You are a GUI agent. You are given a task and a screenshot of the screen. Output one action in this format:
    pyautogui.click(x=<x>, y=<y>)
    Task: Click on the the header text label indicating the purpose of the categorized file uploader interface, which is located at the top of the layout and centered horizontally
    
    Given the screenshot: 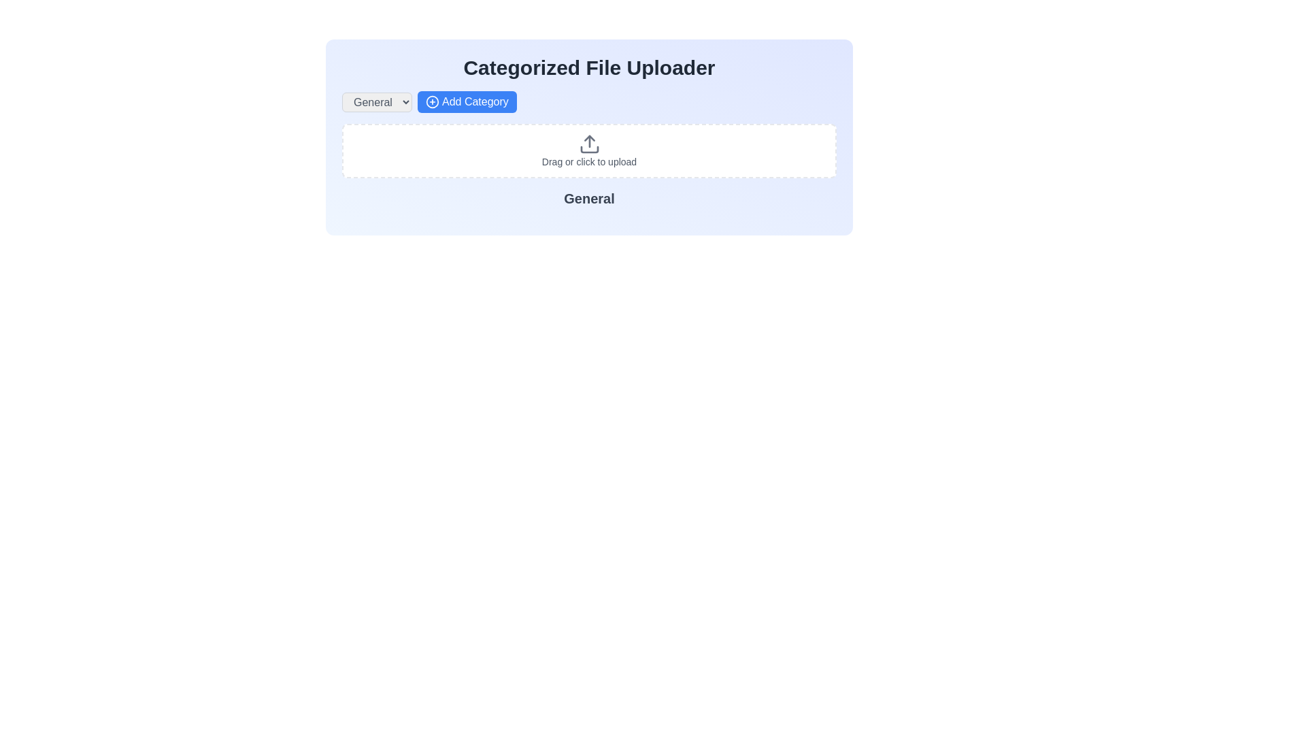 What is the action you would take?
    pyautogui.click(x=589, y=68)
    